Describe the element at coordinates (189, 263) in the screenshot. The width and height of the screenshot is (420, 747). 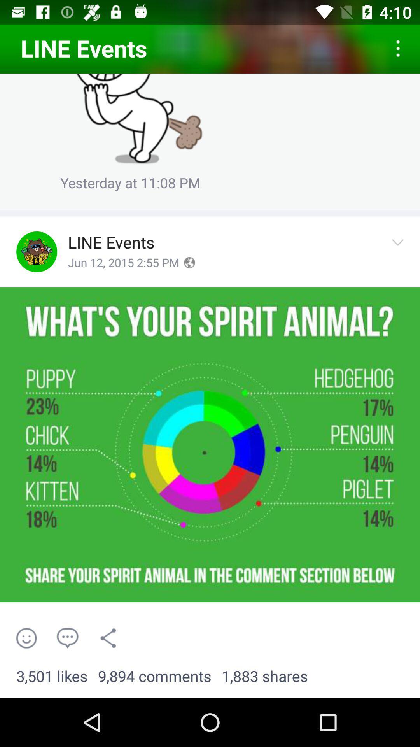
I see `icon to the right of the jun 12 2015` at that location.